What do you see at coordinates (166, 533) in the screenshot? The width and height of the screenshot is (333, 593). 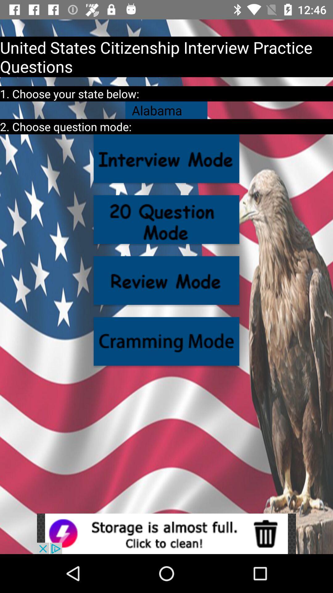 I see `advertisement banner` at bounding box center [166, 533].